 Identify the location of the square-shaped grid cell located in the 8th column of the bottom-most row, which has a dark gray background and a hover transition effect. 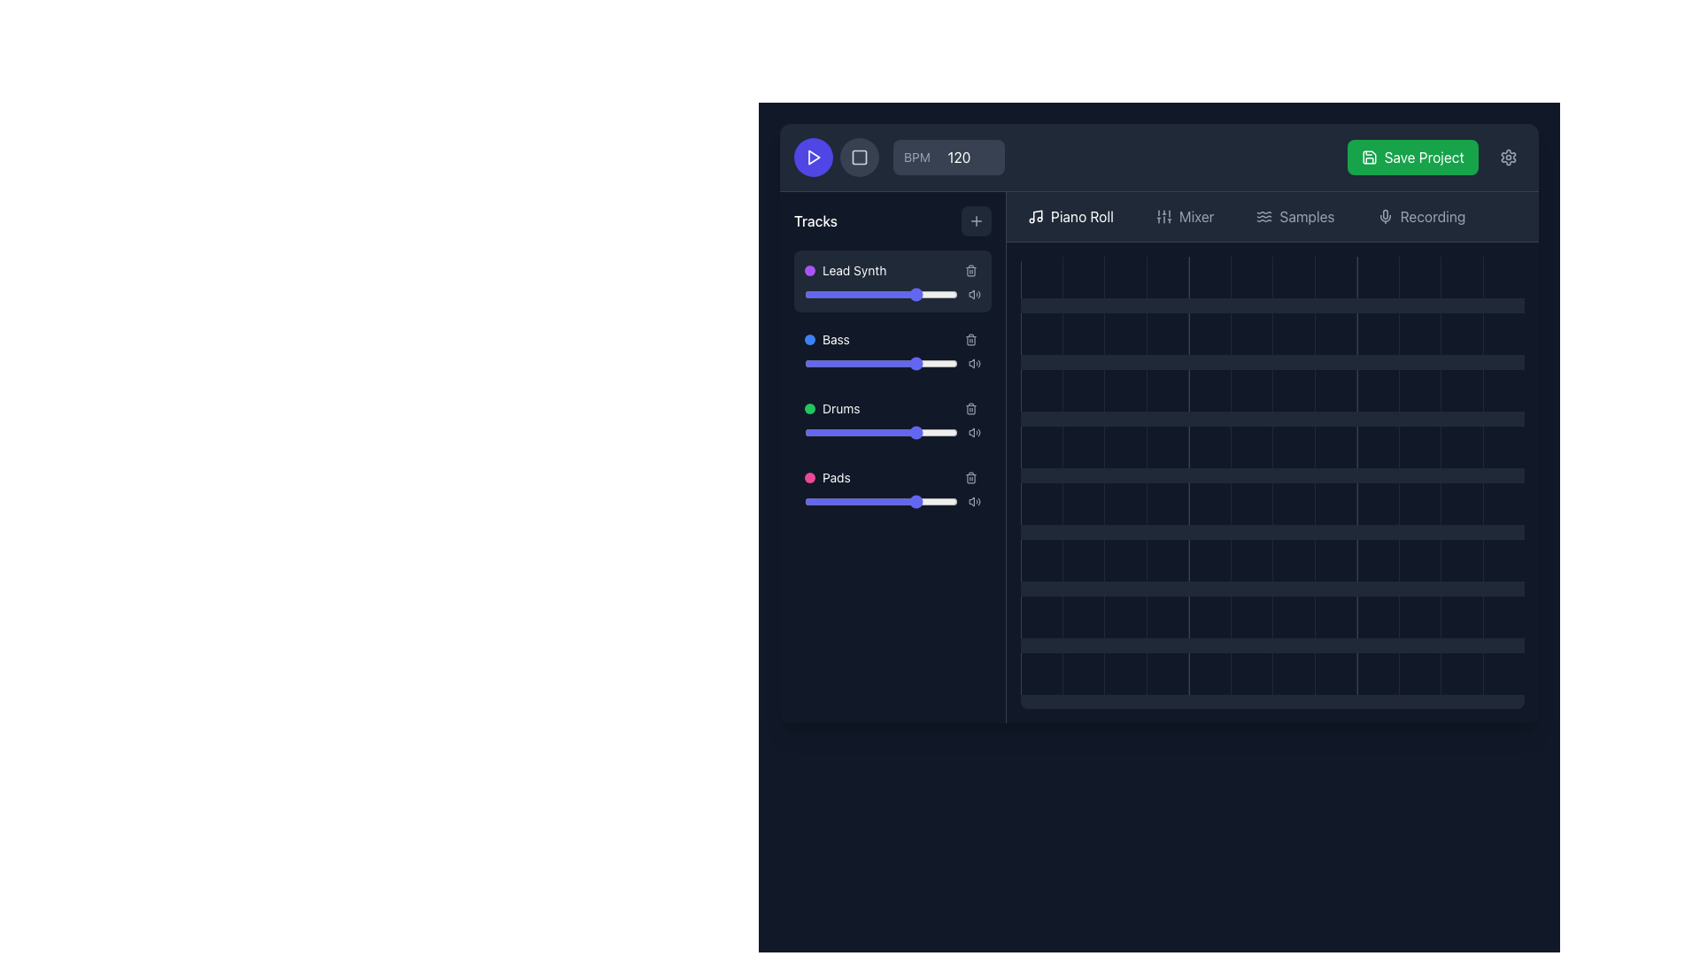
(1335, 616).